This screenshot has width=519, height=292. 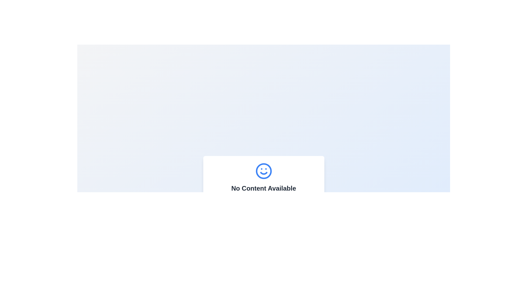 What do you see at coordinates (264, 171) in the screenshot?
I see `the decorative Circle element that serves as the boundary for the smiley face icon` at bounding box center [264, 171].